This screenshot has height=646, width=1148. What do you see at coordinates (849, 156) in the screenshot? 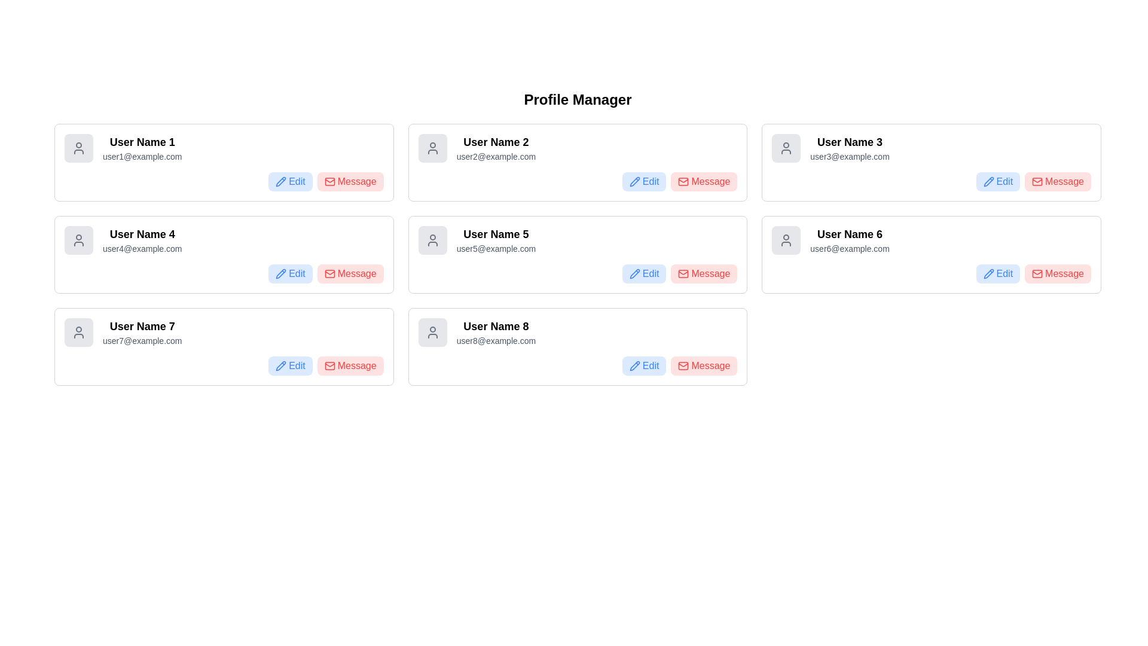
I see `the static text label displaying the email address 'user3@example.com', which is located below the name label 'User Name 3' in the top-right card of a 3x3 grid layout` at bounding box center [849, 156].